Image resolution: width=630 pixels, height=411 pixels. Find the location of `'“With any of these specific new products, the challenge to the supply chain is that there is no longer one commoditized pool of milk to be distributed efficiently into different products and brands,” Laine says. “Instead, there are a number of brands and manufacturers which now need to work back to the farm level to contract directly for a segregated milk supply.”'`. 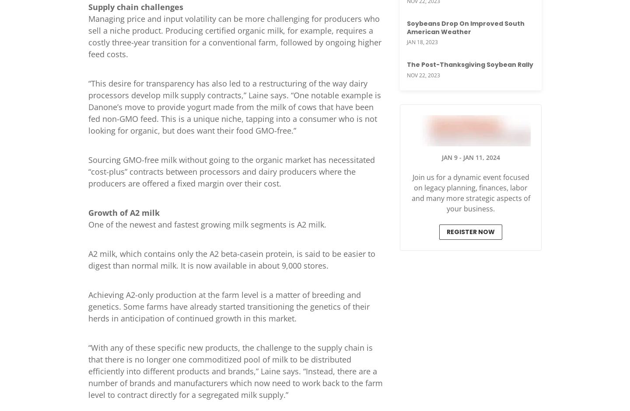

'“With any of these specific new products, the challenge to the supply chain is that there is no longer one commoditized pool of milk to be distributed efficiently into different products and brands,” Laine says. “Instead, there are a number of brands and manufacturers which now need to work back to the farm level to contract directly for a segregated milk supply.”' is located at coordinates (235, 370).